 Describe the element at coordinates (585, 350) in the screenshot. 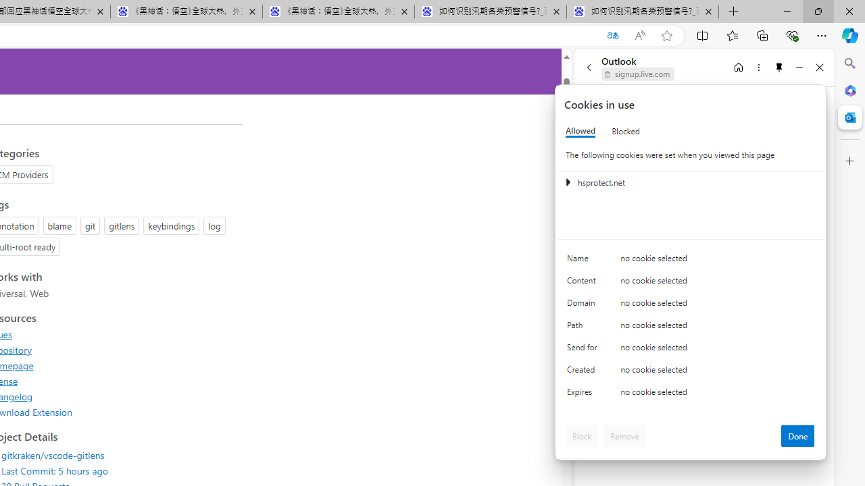

I see `'Send for'` at that location.